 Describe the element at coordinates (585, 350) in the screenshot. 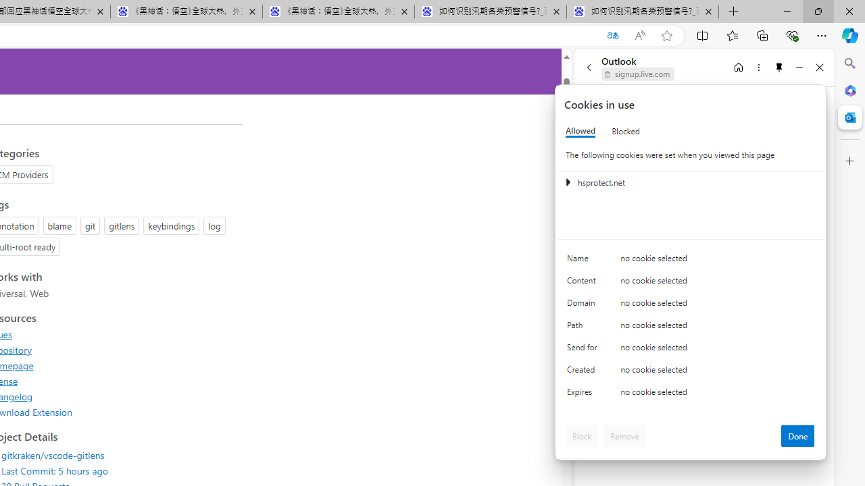

I see `'Send for'` at that location.